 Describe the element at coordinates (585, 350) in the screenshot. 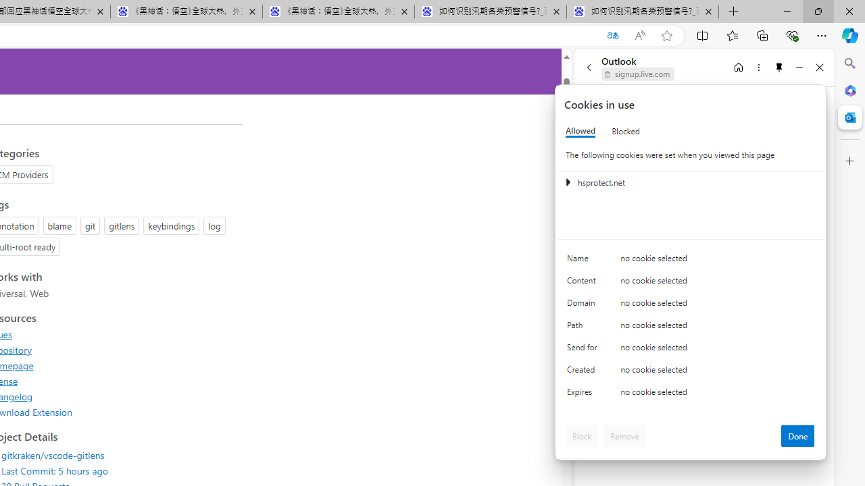

I see `'Send for'` at that location.